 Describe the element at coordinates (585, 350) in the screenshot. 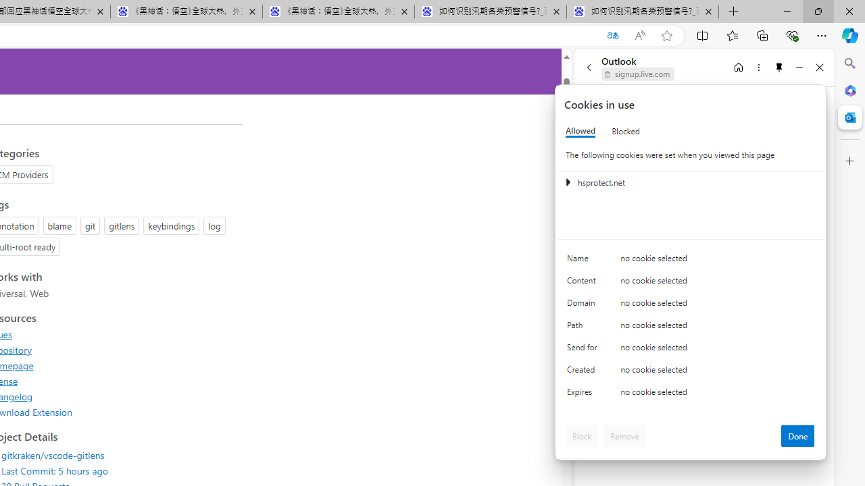

I see `'Send for'` at that location.